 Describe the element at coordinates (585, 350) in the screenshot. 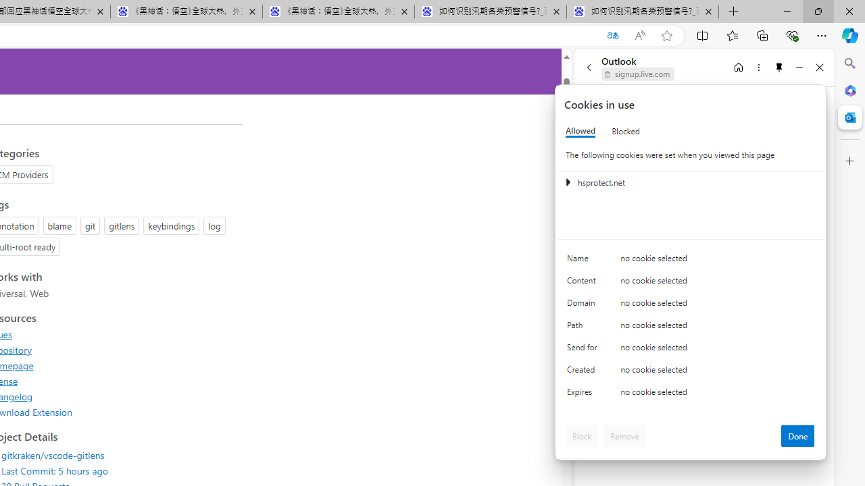

I see `'Send for'` at that location.